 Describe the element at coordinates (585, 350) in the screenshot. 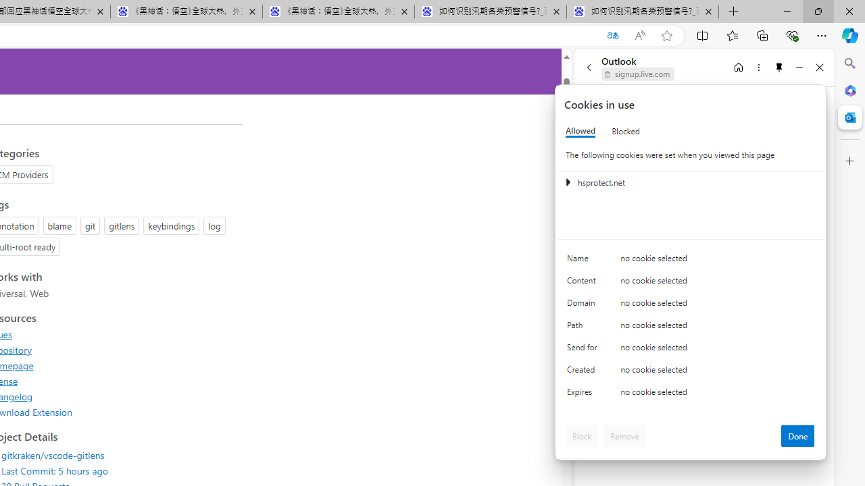

I see `'Send for'` at that location.